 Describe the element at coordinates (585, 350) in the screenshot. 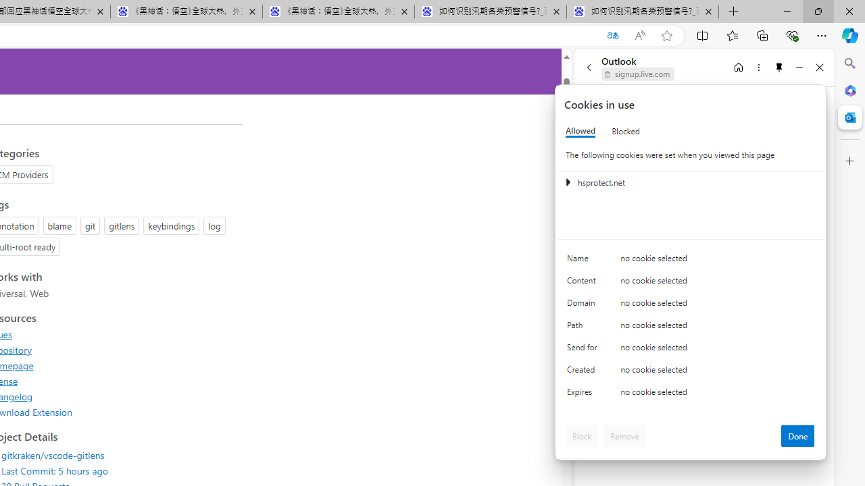

I see `'Send for'` at that location.